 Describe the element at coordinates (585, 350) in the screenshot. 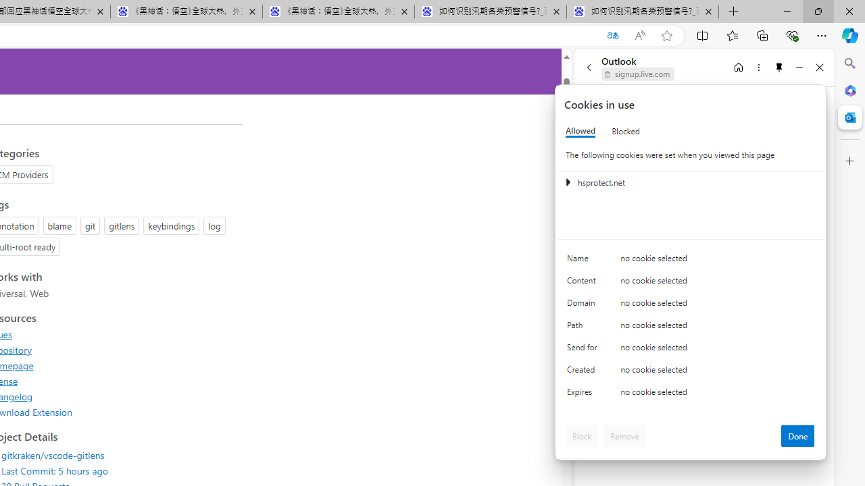

I see `'Send for'` at that location.